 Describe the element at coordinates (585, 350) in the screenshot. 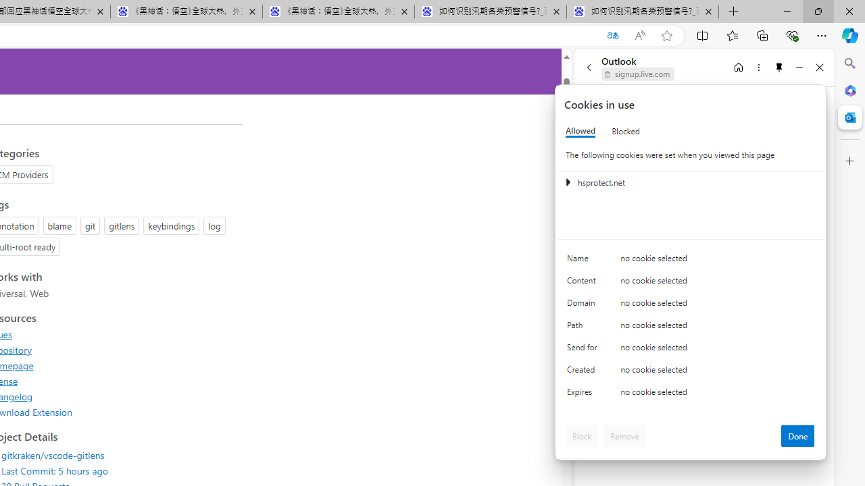

I see `'Send for'` at that location.